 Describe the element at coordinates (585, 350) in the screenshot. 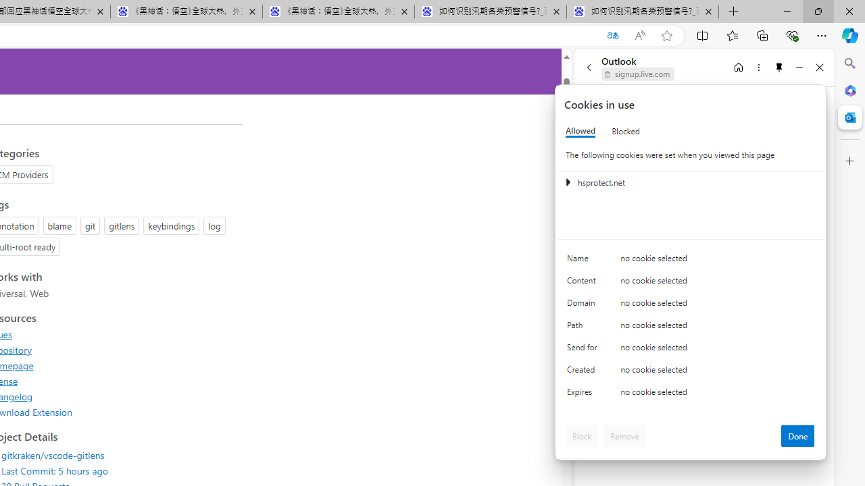

I see `'Send for'` at that location.